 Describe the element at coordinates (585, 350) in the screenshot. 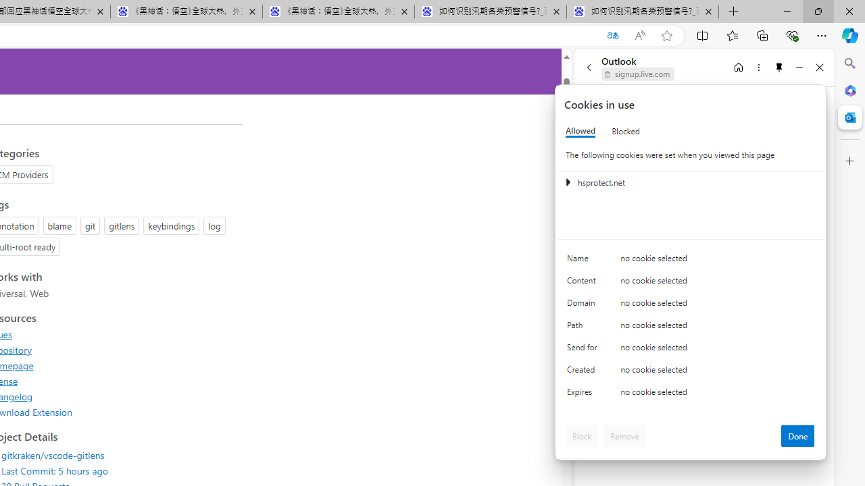

I see `'Send for'` at that location.